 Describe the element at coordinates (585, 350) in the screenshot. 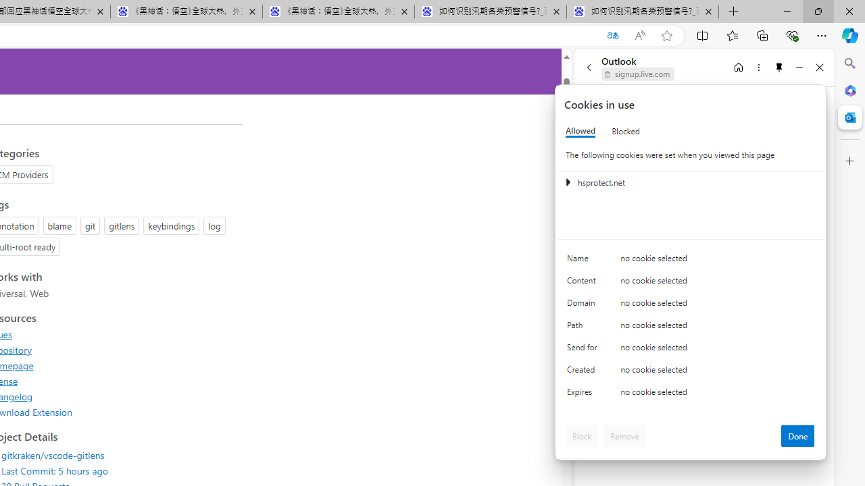

I see `'Send for'` at that location.